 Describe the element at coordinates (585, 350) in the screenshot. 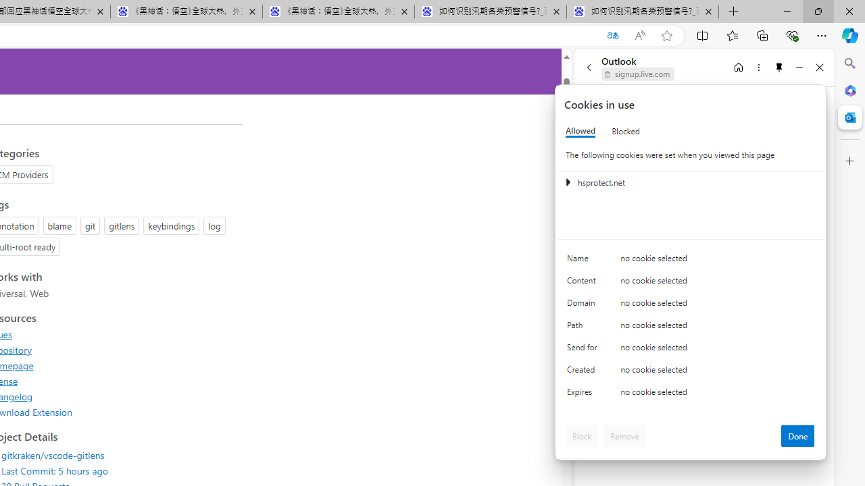

I see `'Send for'` at that location.